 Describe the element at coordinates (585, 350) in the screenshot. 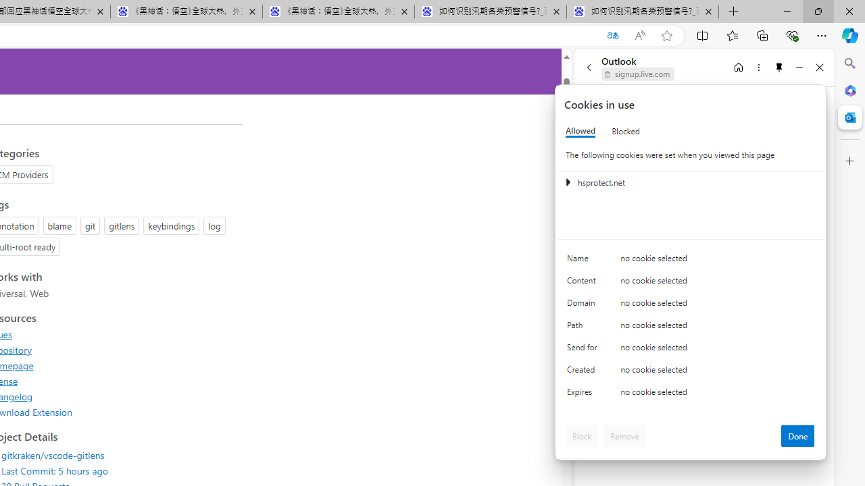

I see `'Send for'` at that location.